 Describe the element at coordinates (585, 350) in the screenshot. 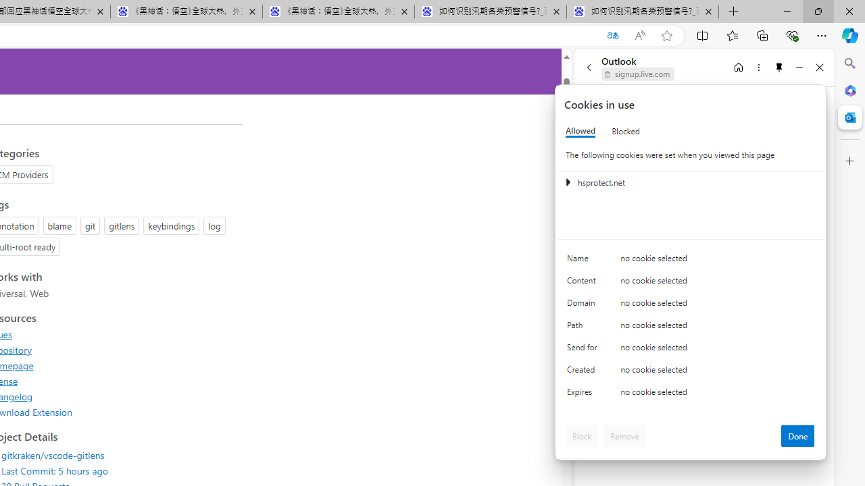

I see `'Send for'` at that location.